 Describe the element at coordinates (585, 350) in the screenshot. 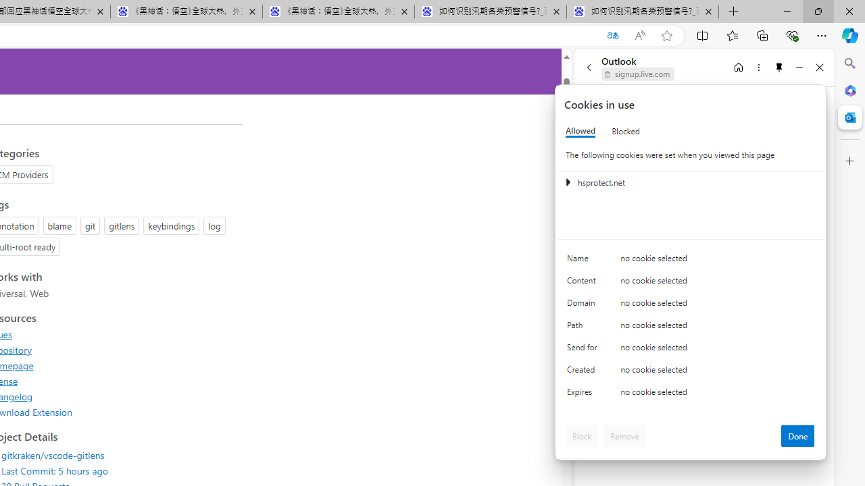

I see `'Send for'` at that location.